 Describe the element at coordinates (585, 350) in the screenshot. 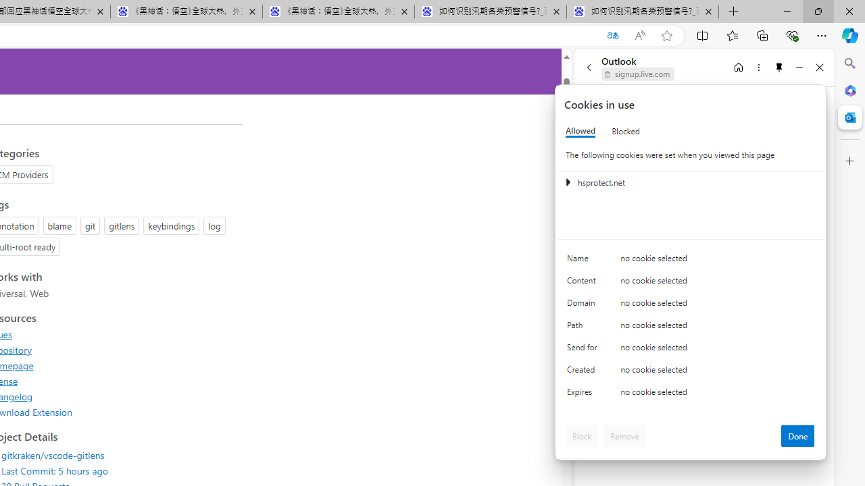

I see `'Send for'` at that location.